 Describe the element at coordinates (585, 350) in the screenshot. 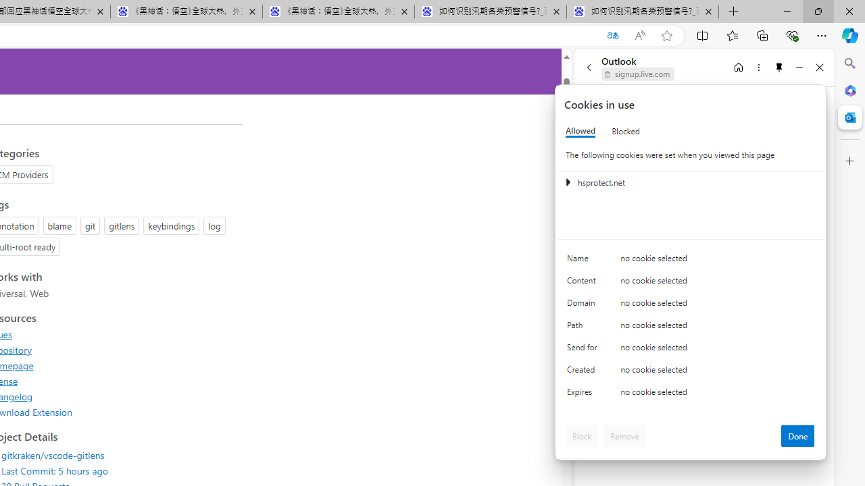

I see `'Send for'` at that location.